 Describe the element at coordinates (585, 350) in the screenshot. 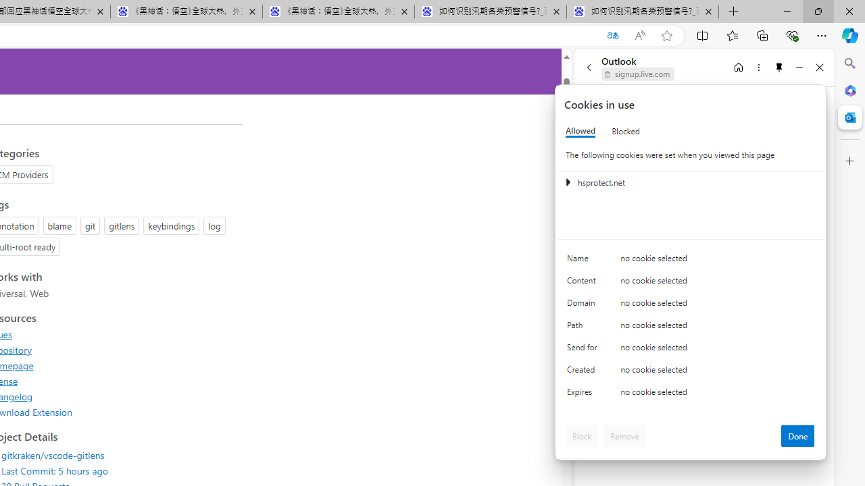

I see `'Send for'` at that location.